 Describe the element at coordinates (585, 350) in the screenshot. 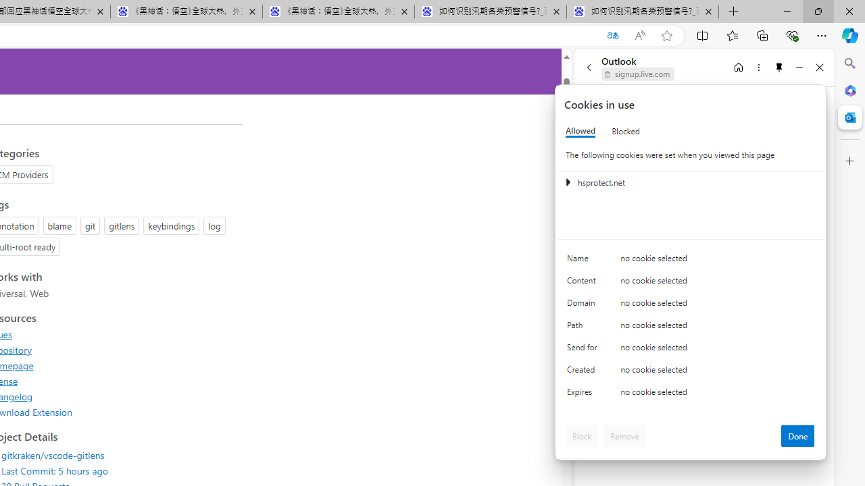

I see `'Send for'` at that location.